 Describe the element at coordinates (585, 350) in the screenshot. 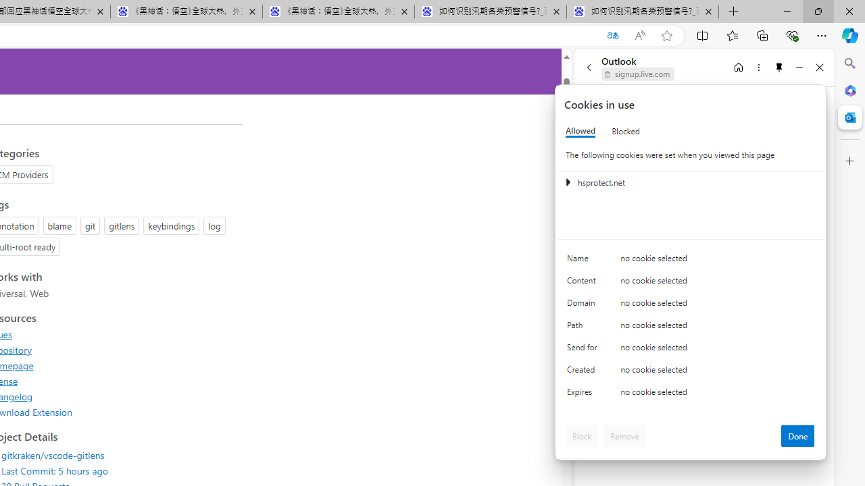

I see `'Send for'` at that location.